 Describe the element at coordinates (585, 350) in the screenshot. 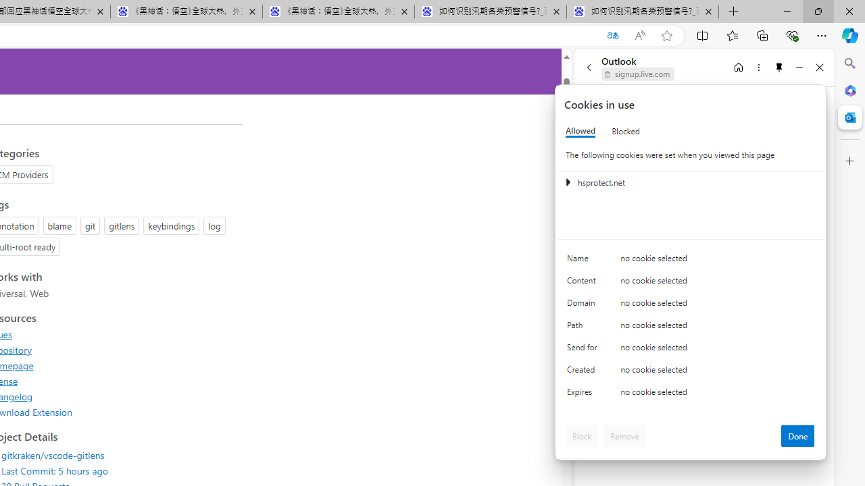

I see `'Send for'` at that location.